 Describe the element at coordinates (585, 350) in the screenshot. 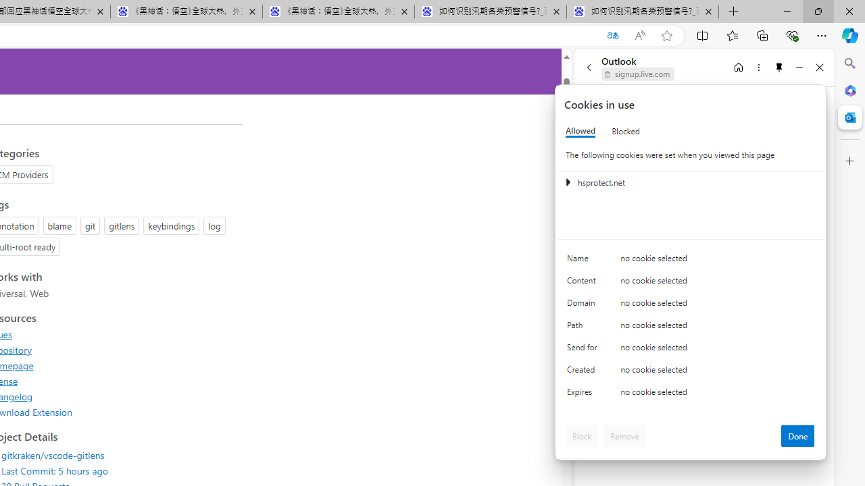

I see `'Send for'` at that location.